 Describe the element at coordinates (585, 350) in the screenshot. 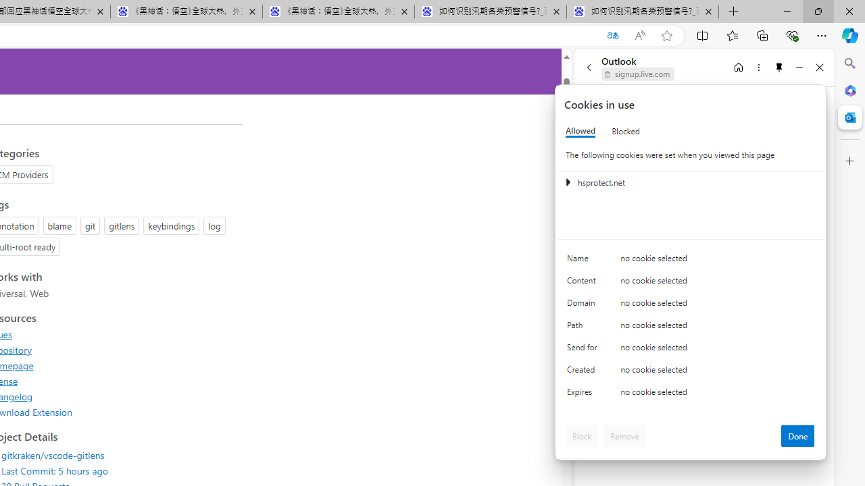

I see `'Send for'` at that location.